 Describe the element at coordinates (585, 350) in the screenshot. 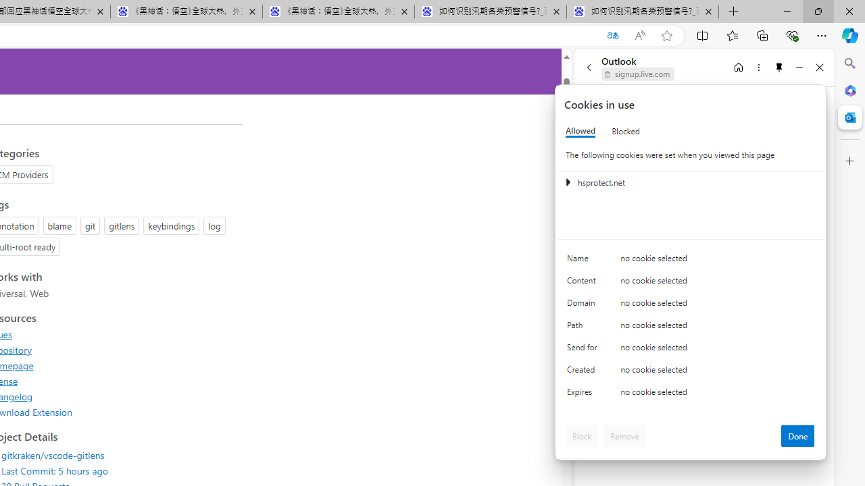

I see `'Send for'` at that location.